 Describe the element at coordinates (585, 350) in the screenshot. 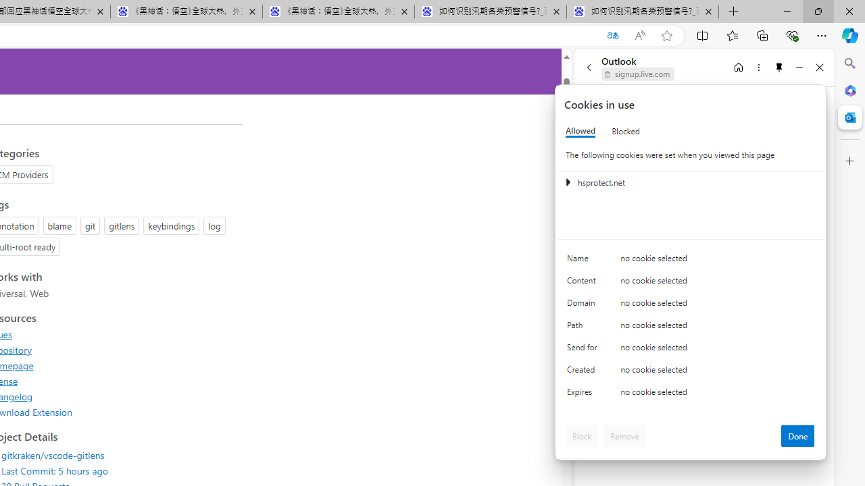

I see `'Send for'` at that location.